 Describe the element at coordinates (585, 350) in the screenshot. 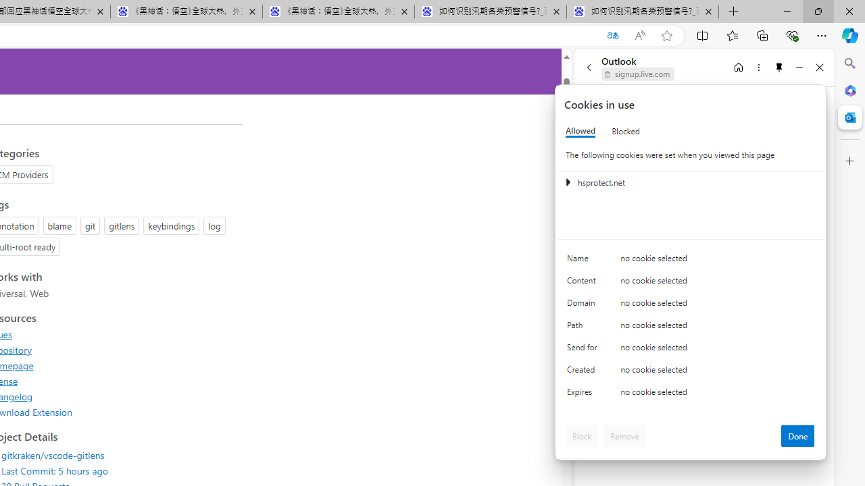

I see `'Send for'` at that location.